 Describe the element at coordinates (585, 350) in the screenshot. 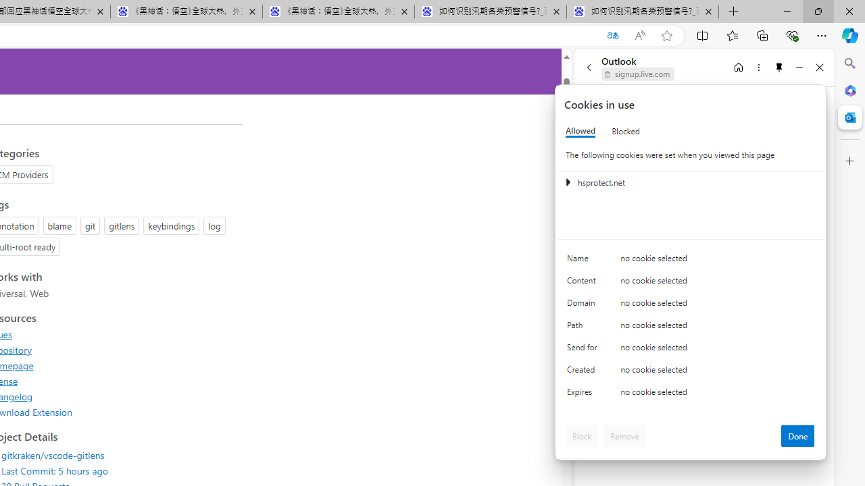

I see `'Send for'` at that location.